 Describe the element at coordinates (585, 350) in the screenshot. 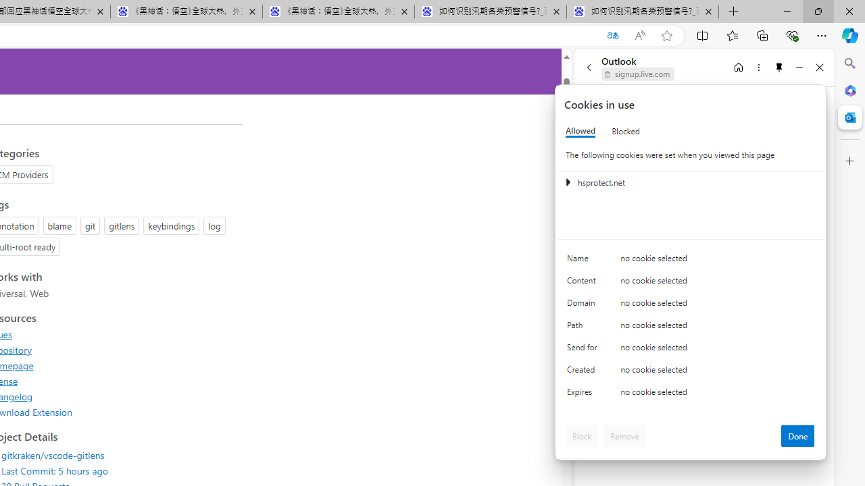

I see `'Send for'` at that location.